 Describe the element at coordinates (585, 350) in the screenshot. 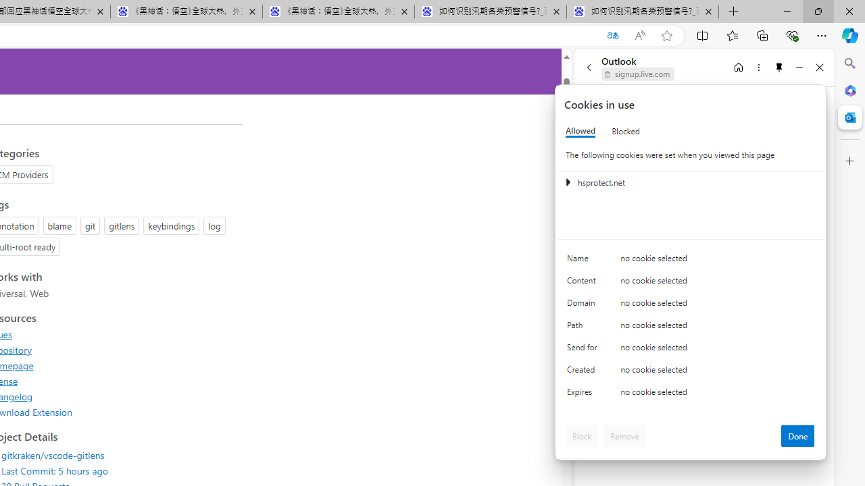

I see `'Send for'` at that location.